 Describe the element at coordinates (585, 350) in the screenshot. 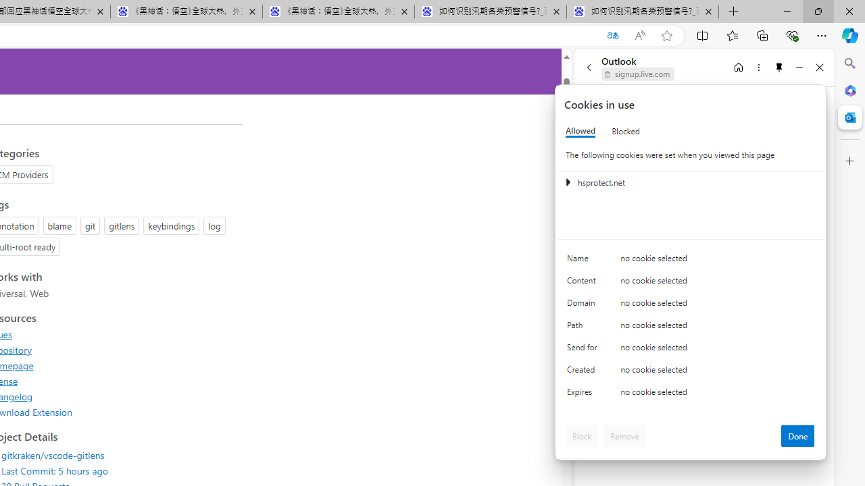

I see `'Send for'` at that location.